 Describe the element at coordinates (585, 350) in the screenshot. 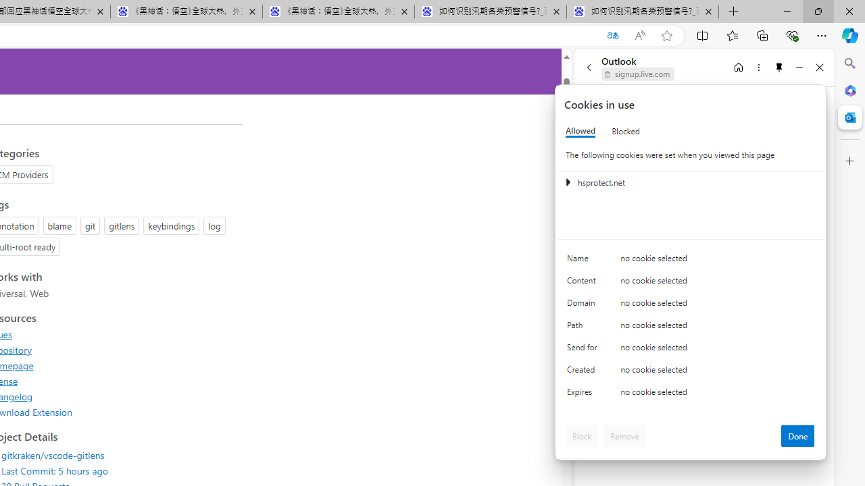

I see `'Send for'` at that location.